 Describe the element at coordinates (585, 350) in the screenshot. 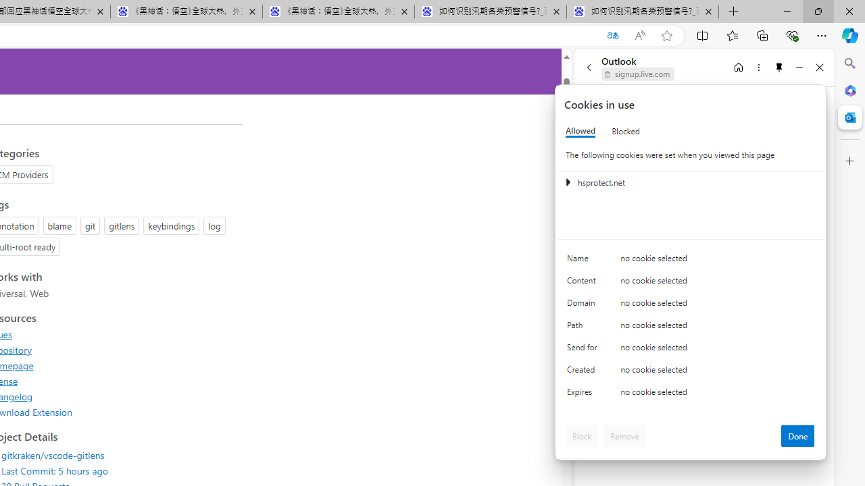

I see `'Send for'` at that location.